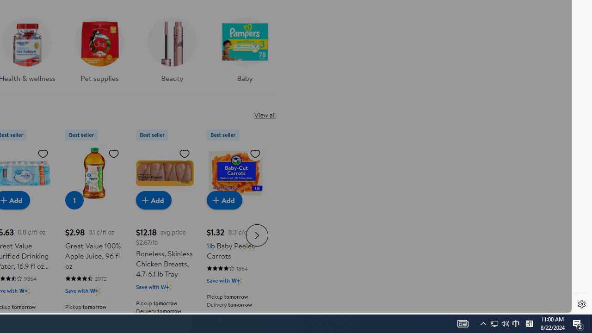 This screenshot has height=333, width=592. What do you see at coordinates (224, 199) in the screenshot?
I see `'Add to cart - 1lb Baby Peeled Carrots'` at bounding box center [224, 199].